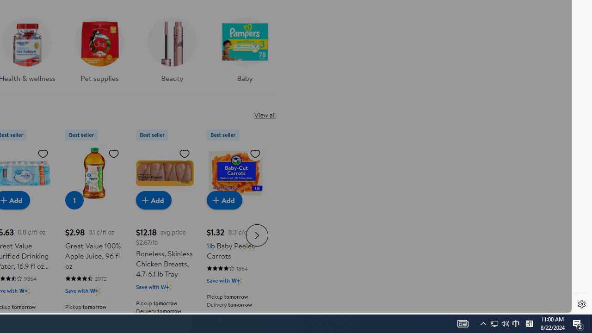 This screenshot has height=333, width=592. What do you see at coordinates (224, 199) in the screenshot?
I see `'Add to cart - 1lb Baby Peeled Carrots'` at bounding box center [224, 199].